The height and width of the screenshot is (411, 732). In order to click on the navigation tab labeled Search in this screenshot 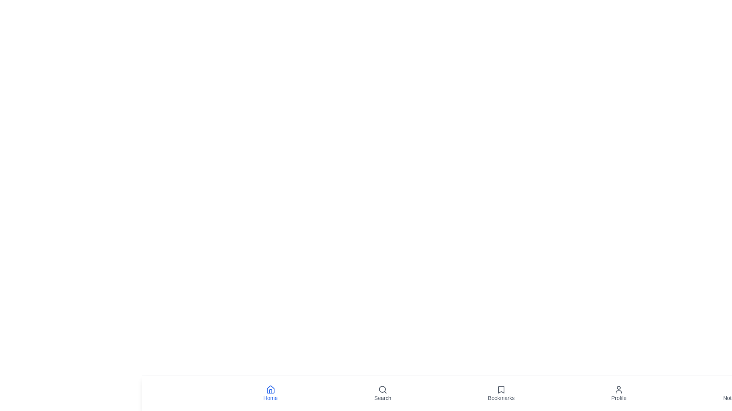, I will do `click(382, 393)`.